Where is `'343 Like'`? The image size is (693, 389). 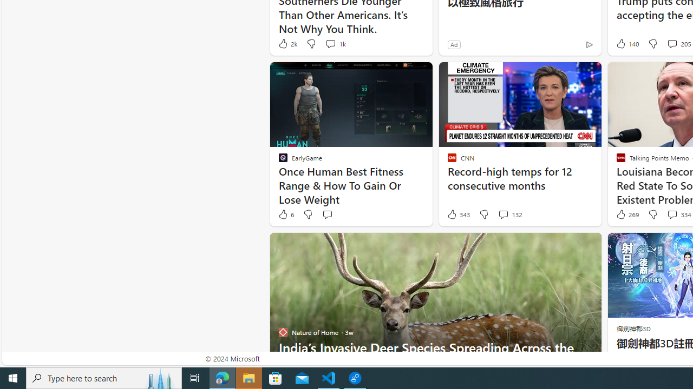 '343 Like' is located at coordinates (458, 214).